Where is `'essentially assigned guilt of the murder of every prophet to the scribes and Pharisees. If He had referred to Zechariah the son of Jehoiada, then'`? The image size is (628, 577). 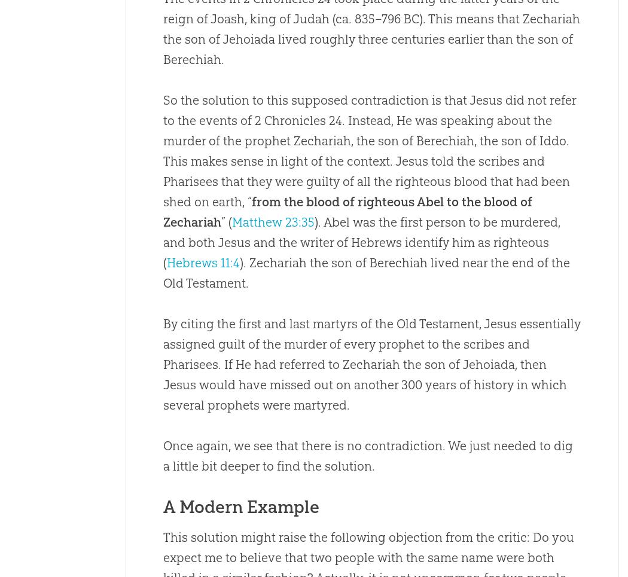
'essentially assigned guilt of the murder of every prophet to the scribes and Pharisees. If He had referred to Zechariah the son of Jehoiada, then' is located at coordinates (161, 344).